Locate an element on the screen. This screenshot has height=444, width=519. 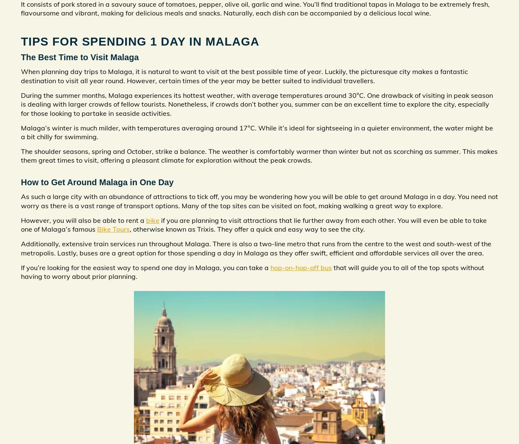
'When planning day trips to Malaga, it is natural to want to visit at the best possible time of year. Luckily, the picturesque city makes a fantastic destination to visit all year round. However, certain times of the year may be better suited to individual travellers.' is located at coordinates (244, 76).